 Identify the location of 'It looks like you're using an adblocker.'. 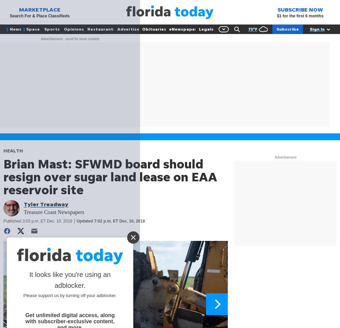
(69, 279).